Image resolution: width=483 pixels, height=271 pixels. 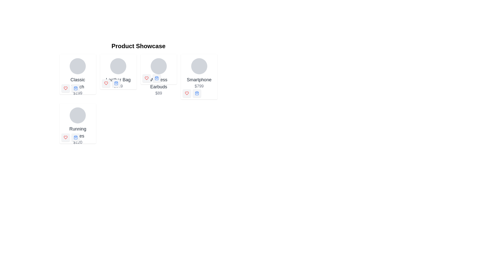 I want to click on the heart icon button on the product card for 'Wireless Earbuds' located in the first row, third column of the product listing grid, so click(x=146, y=78).